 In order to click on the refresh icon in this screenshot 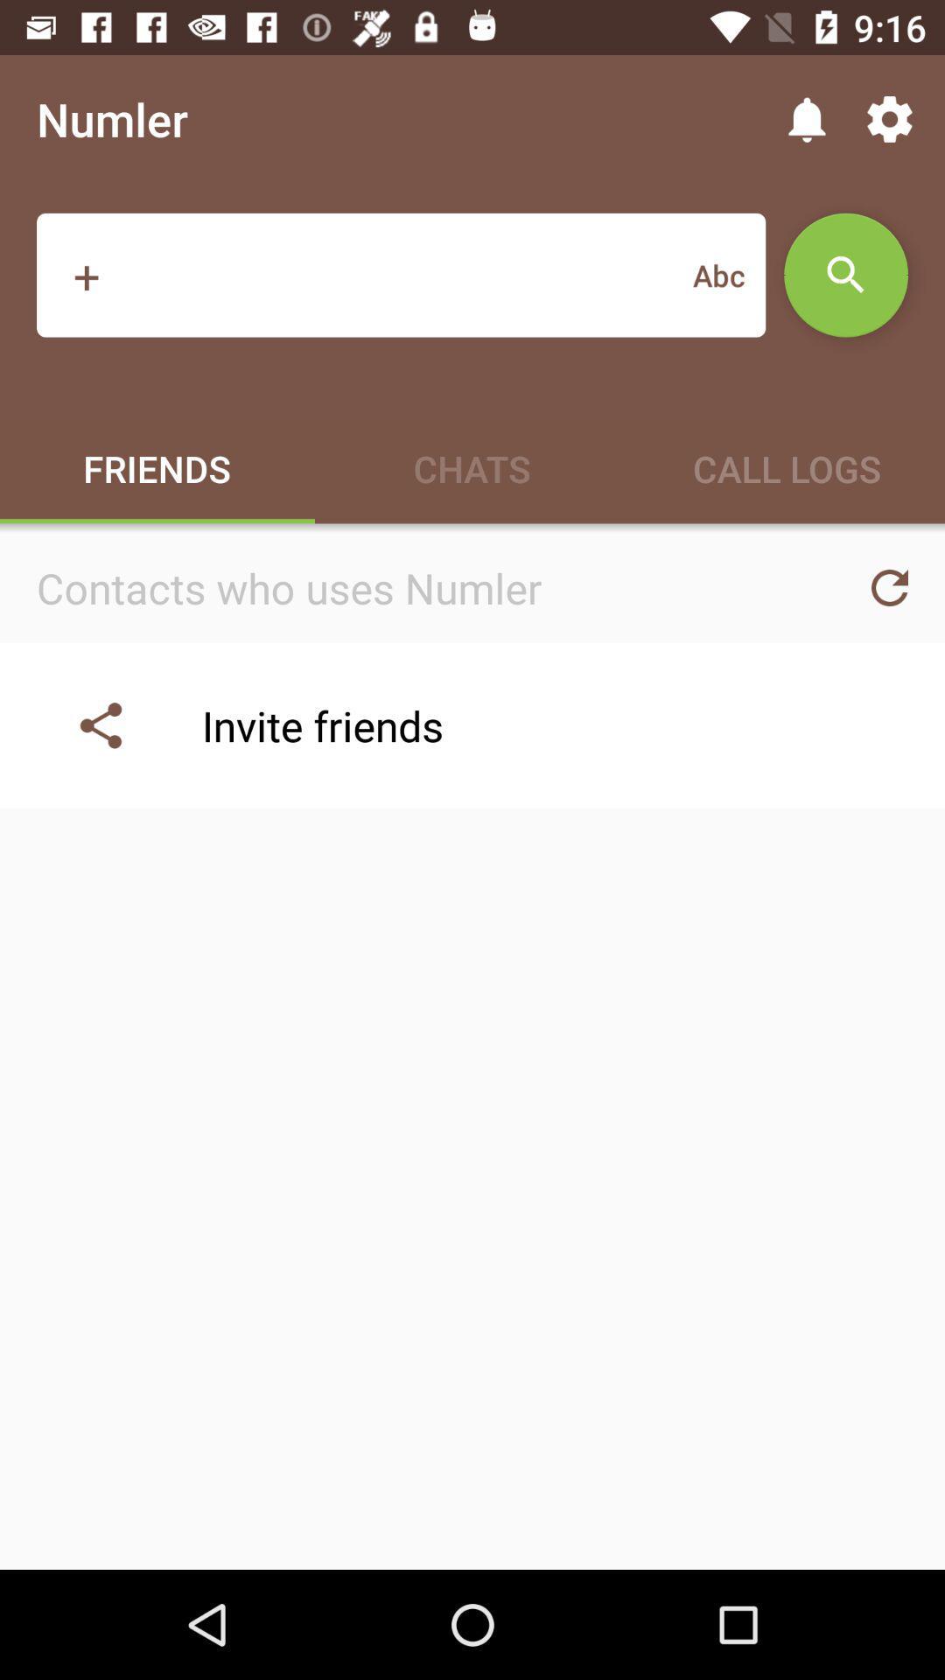, I will do `click(890, 588)`.